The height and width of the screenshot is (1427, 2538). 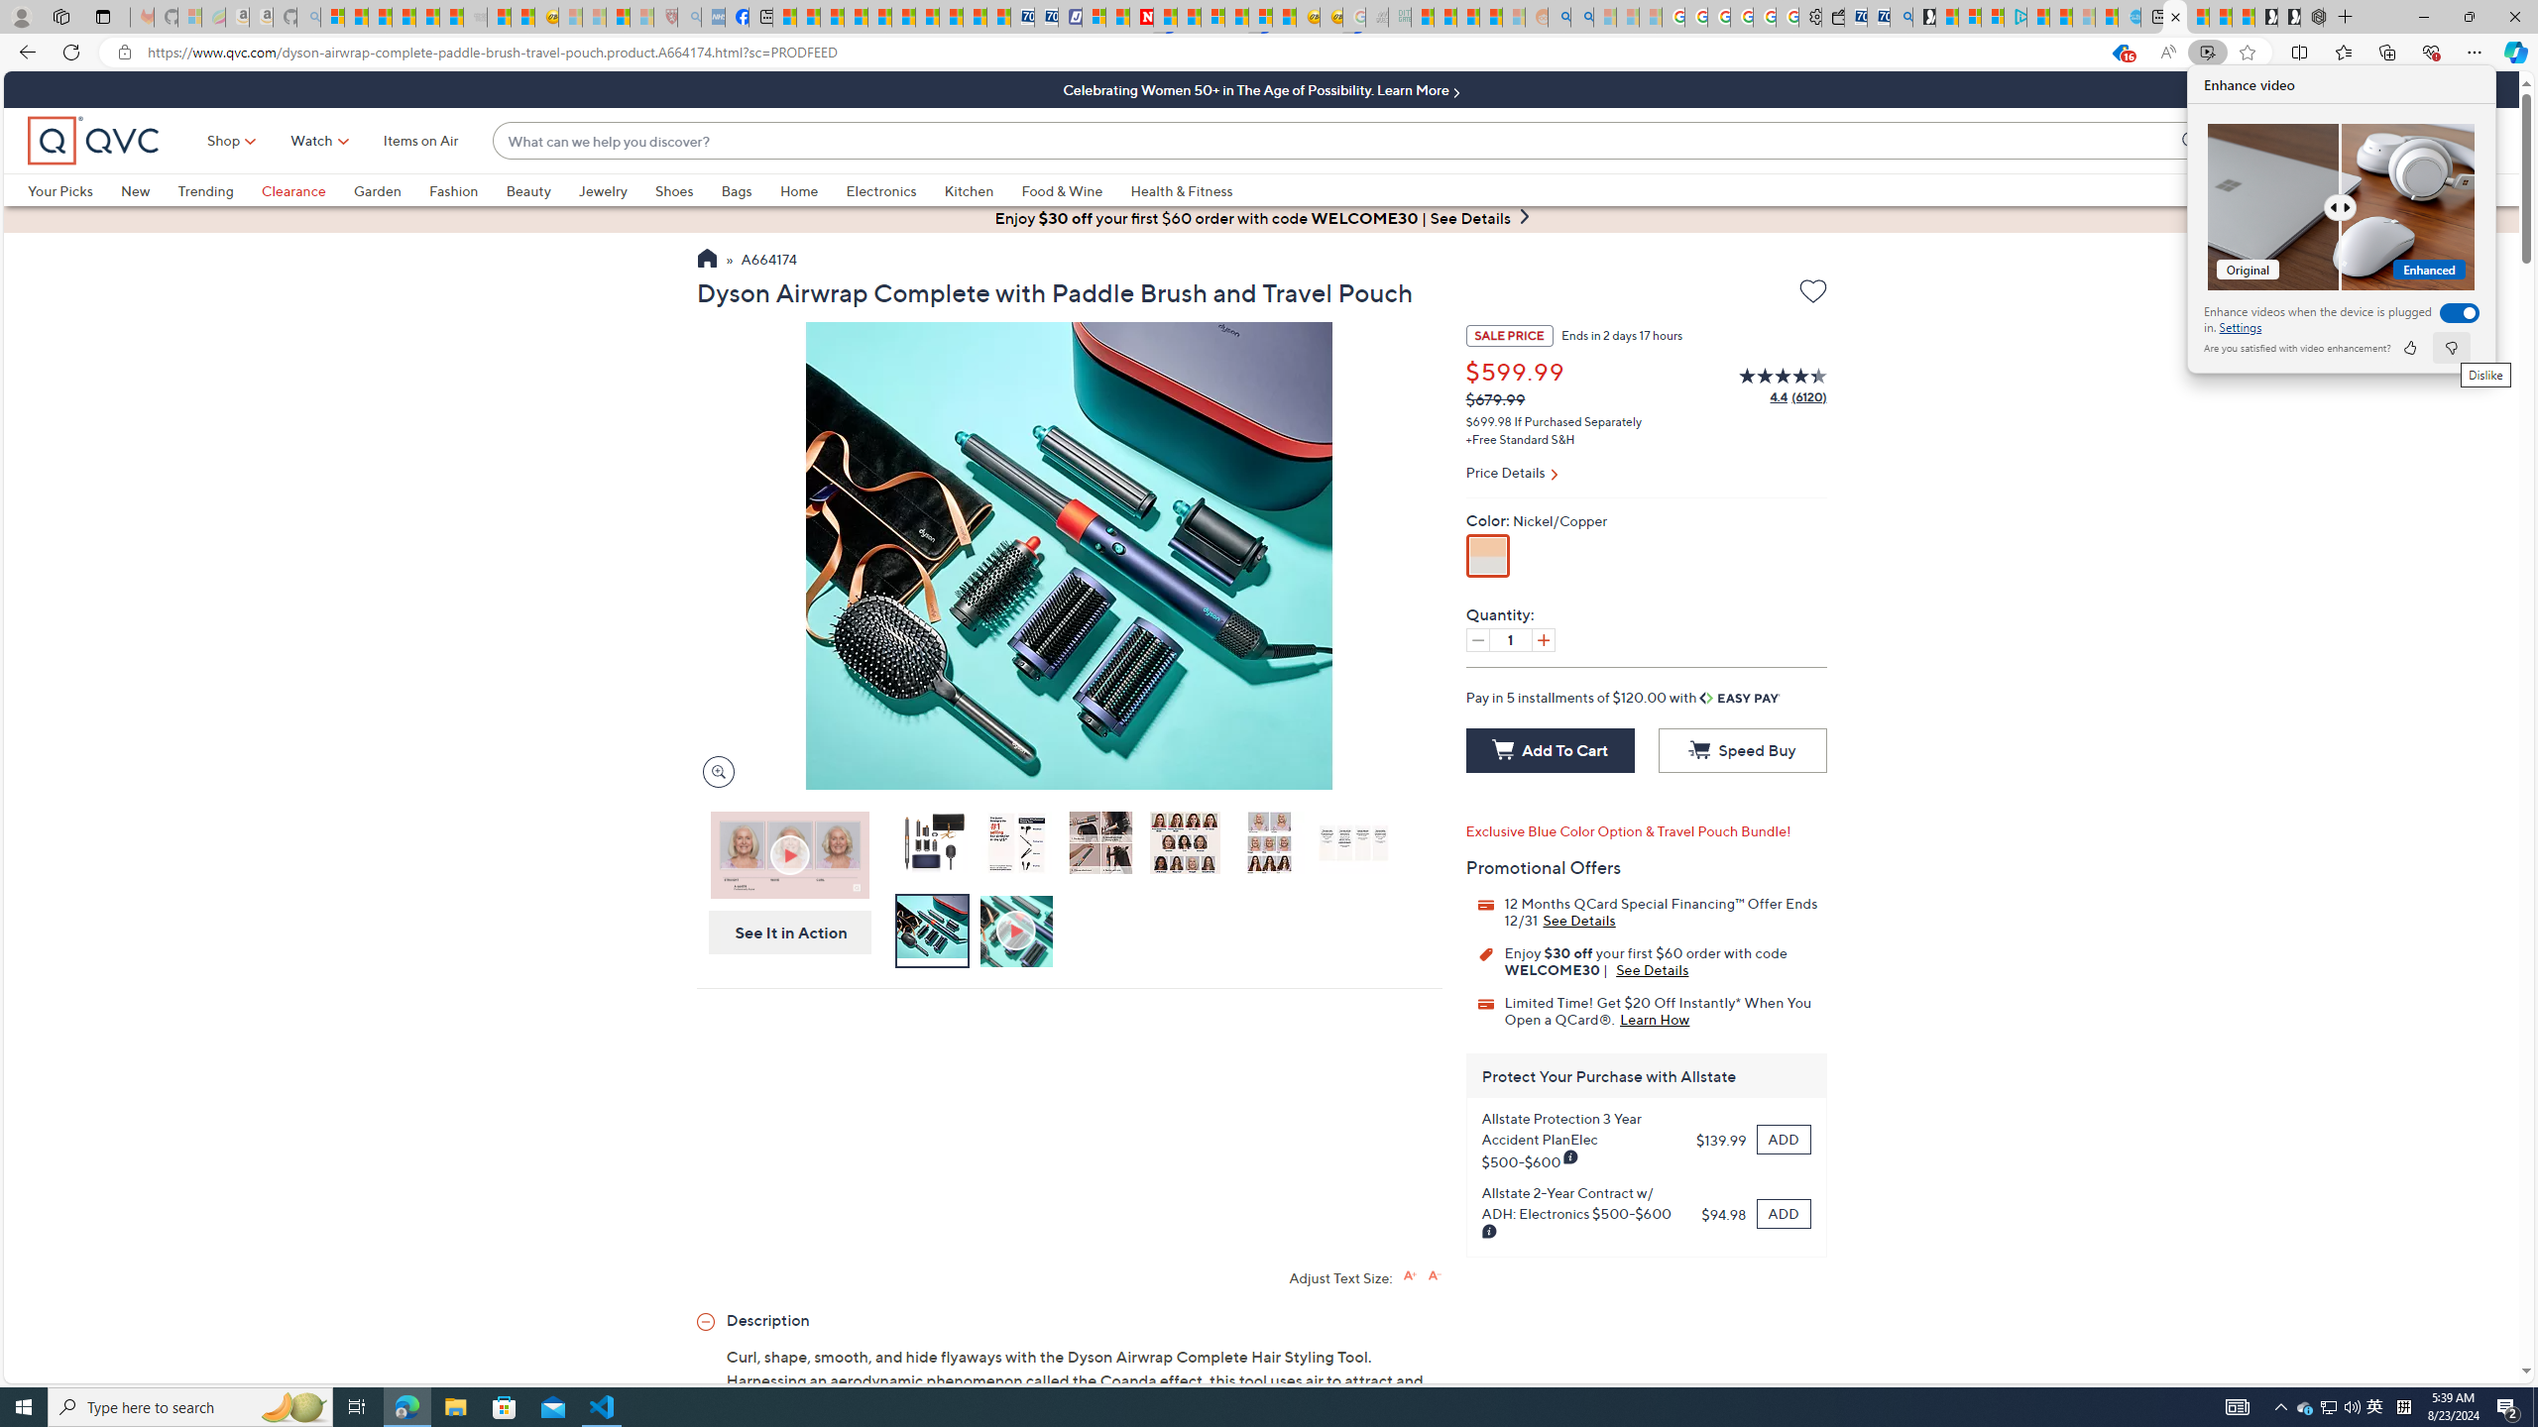 I want to click on 'Health & Fitness', so click(x=1185, y=189).